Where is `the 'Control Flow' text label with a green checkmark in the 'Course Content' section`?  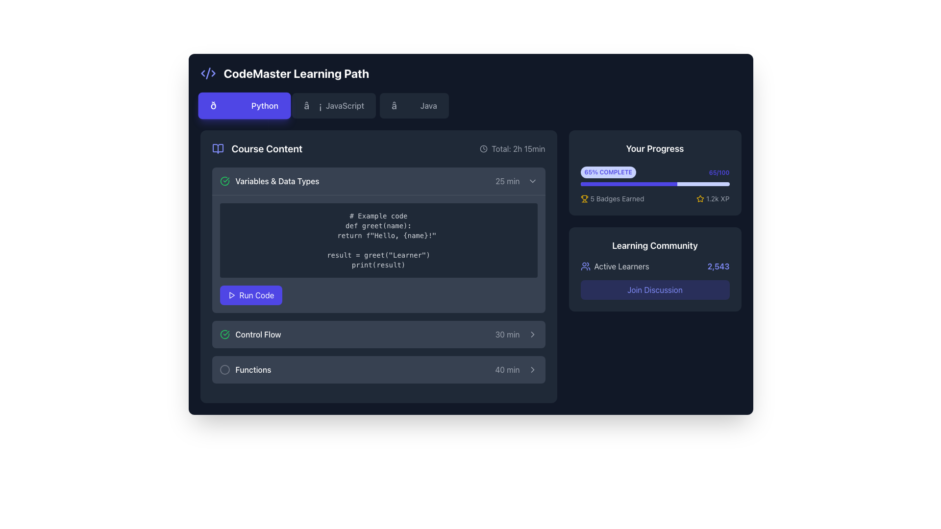 the 'Control Flow' text label with a green checkmark in the 'Course Content' section is located at coordinates (250, 334).